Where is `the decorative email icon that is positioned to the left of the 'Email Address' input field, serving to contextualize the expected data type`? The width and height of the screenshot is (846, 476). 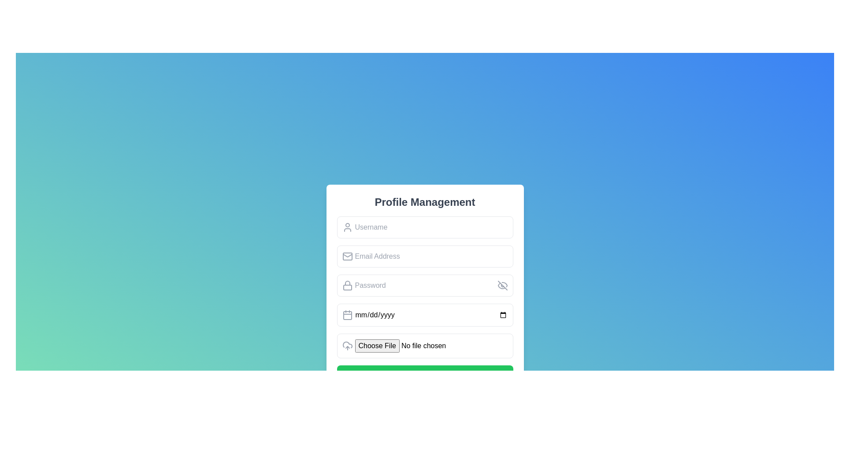
the decorative email icon that is positioned to the left of the 'Email Address' input field, serving to contextualize the expected data type is located at coordinates (347, 257).